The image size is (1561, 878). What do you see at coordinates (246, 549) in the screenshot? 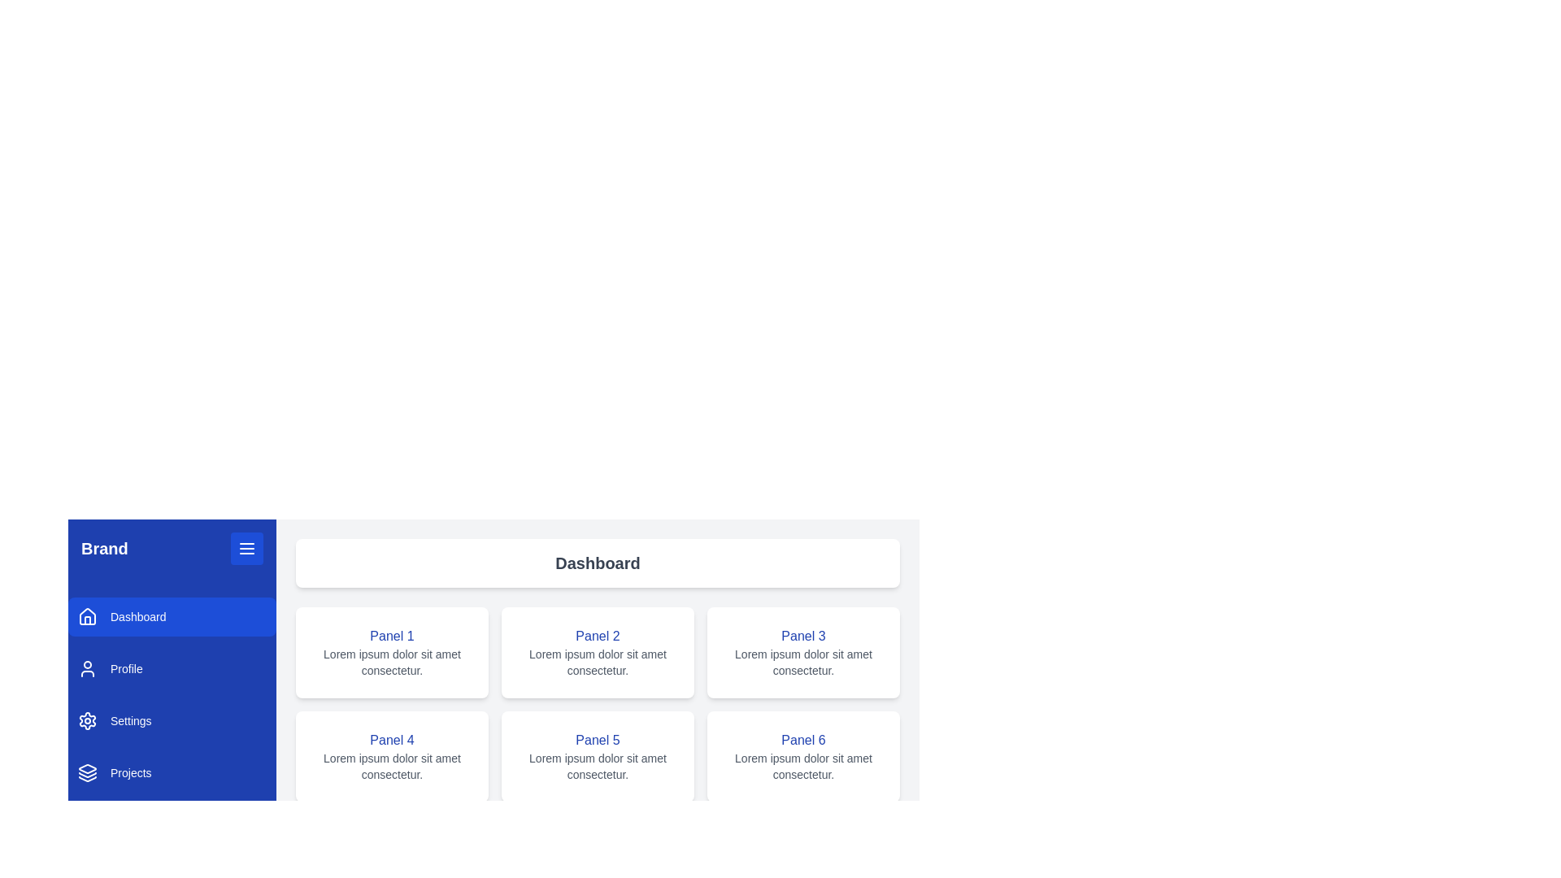
I see `the navigation menu toggle button located in the top-right corner of the bar, right after the 'Brand' text` at bounding box center [246, 549].